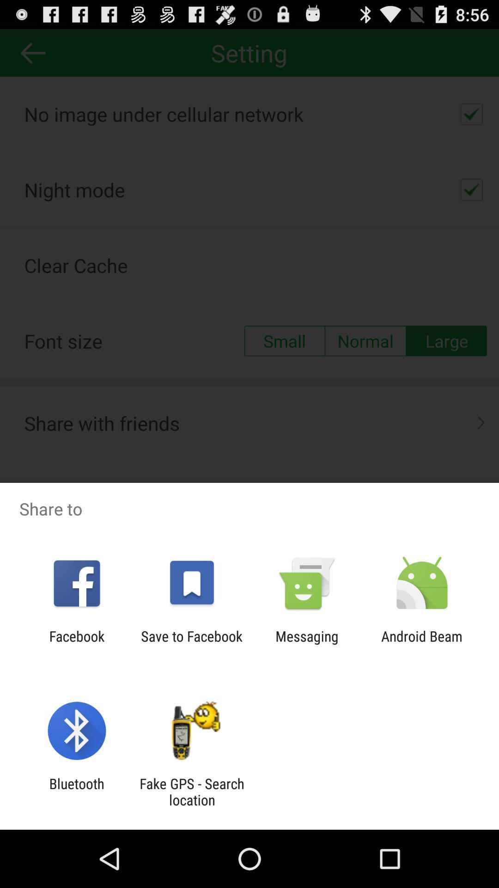  Describe the element at coordinates (422, 644) in the screenshot. I see `the icon to the right of messaging app` at that location.